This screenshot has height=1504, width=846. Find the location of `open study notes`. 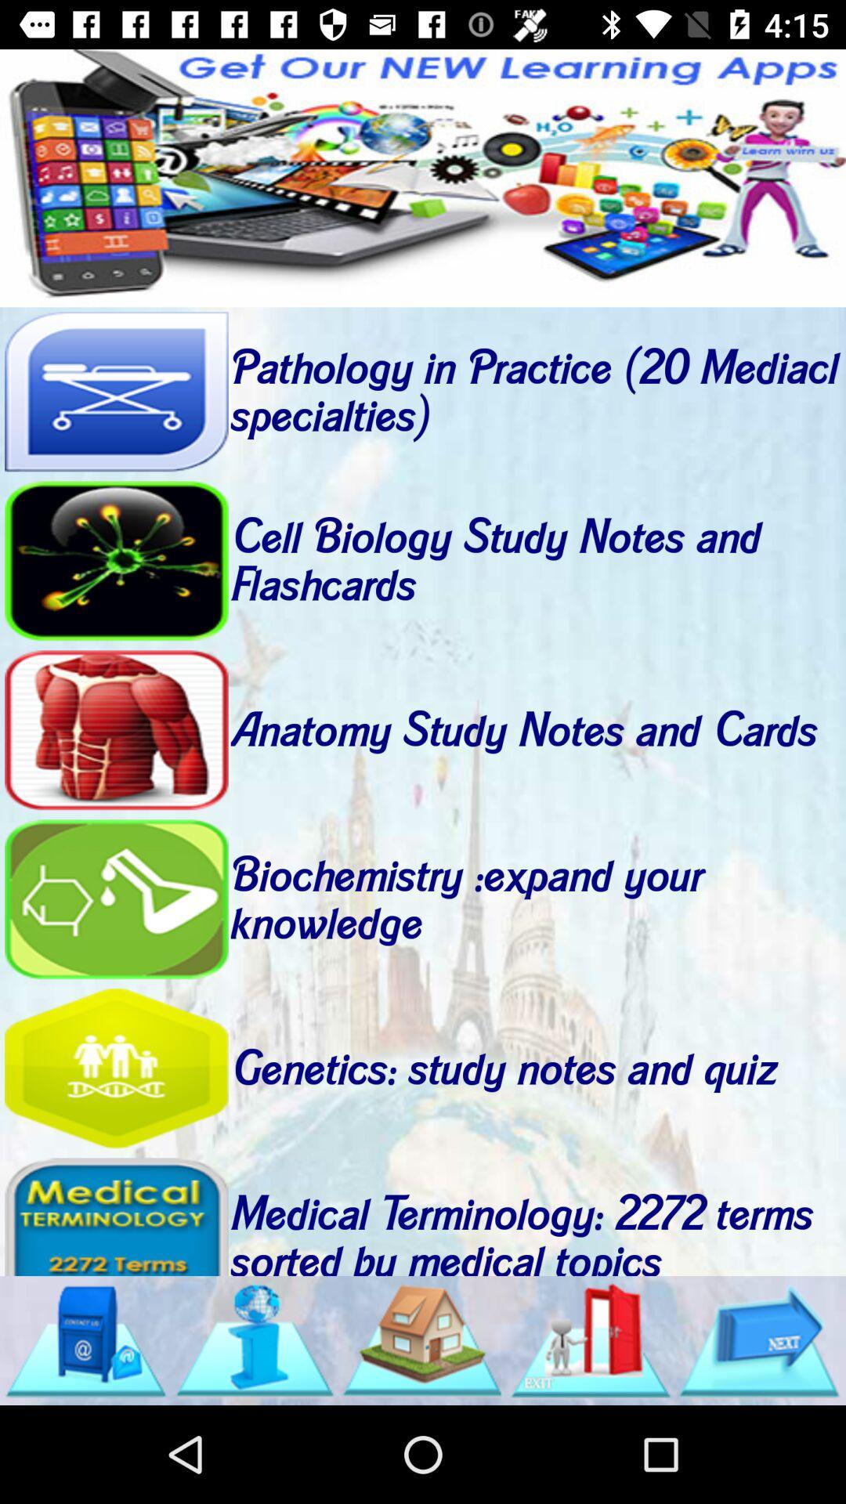

open study notes is located at coordinates (115, 561).